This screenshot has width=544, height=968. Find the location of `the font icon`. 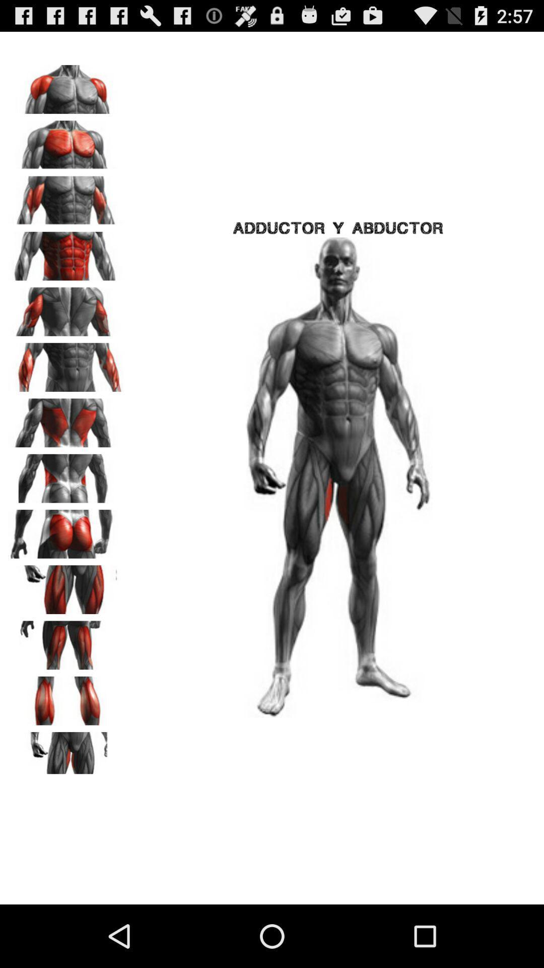

the font icon is located at coordinates (66, 686).